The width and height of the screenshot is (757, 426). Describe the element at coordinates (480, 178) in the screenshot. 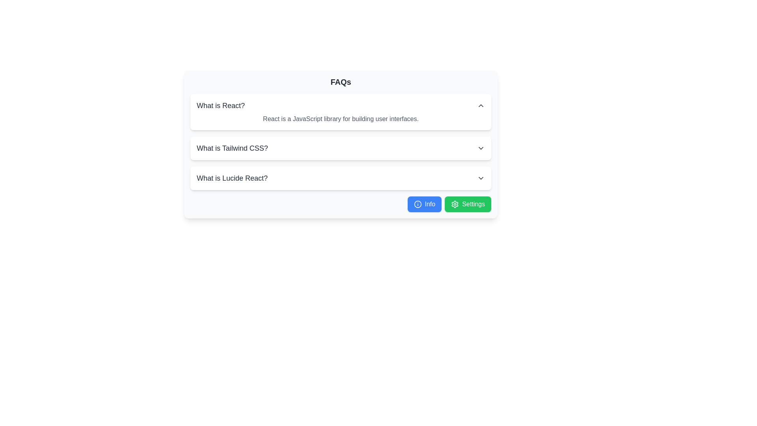

I see `the gray downward-pointing chevron icon next to the 'What is Lucide React?' text in the collapsible FAQ item` at that location.